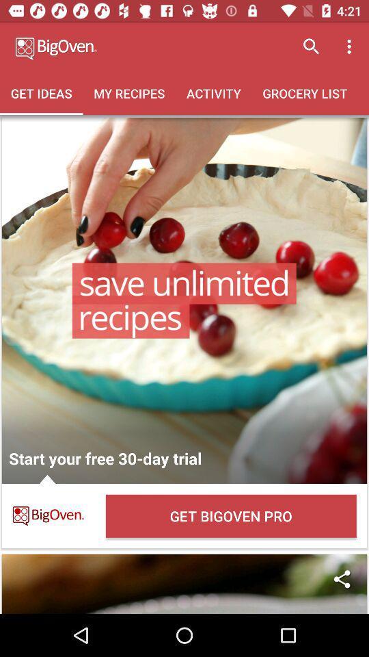 The width and height of the screenshot is (369, 657). What do you see at coordinates (341, 578) in the screenshot?
I see `item at the bottom right corner` at bounding box center [341, 578].